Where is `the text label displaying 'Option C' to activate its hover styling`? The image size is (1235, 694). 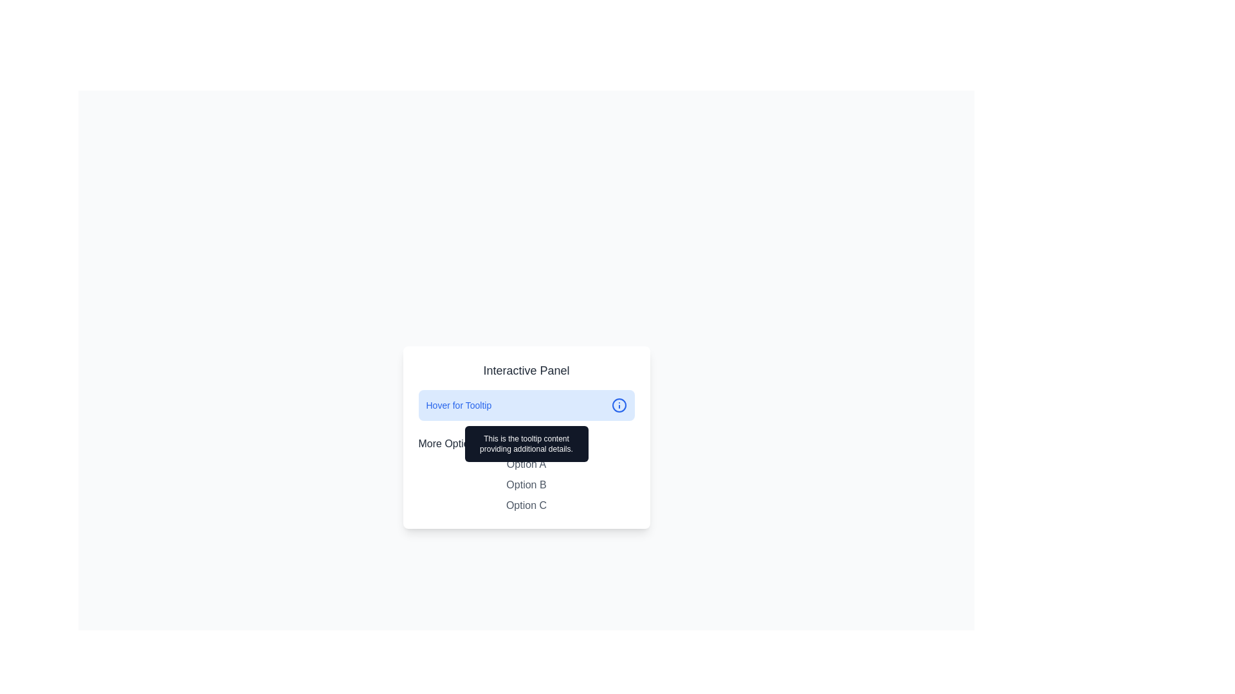
the text label displaying 'Option C' to activate its hover styling is located at coordinates (526, 504).